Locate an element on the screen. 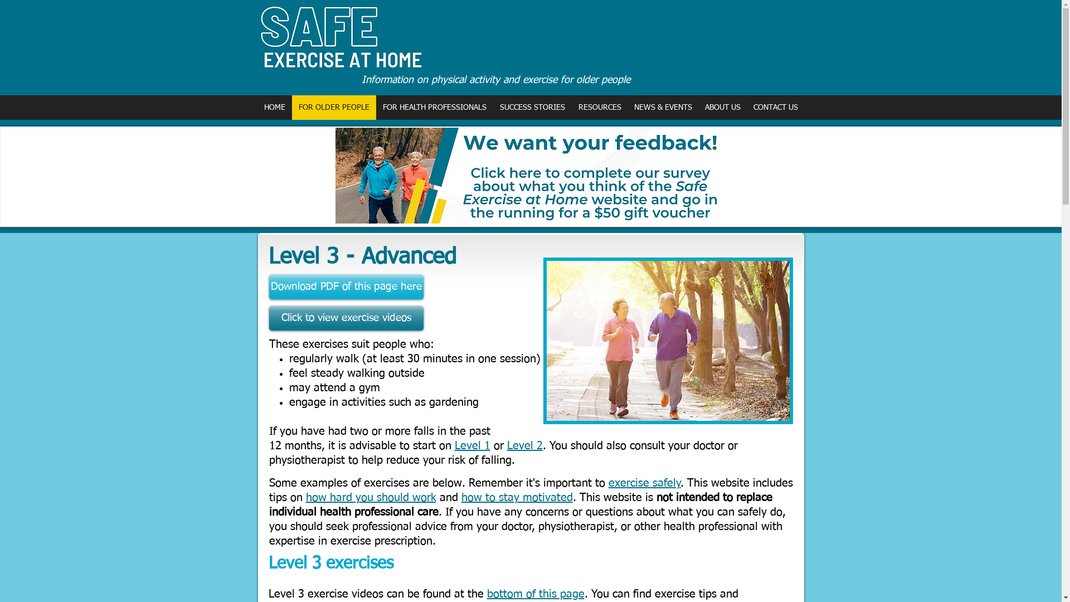  'SUCCESS STORIES' is located at coordinates (492, 107).